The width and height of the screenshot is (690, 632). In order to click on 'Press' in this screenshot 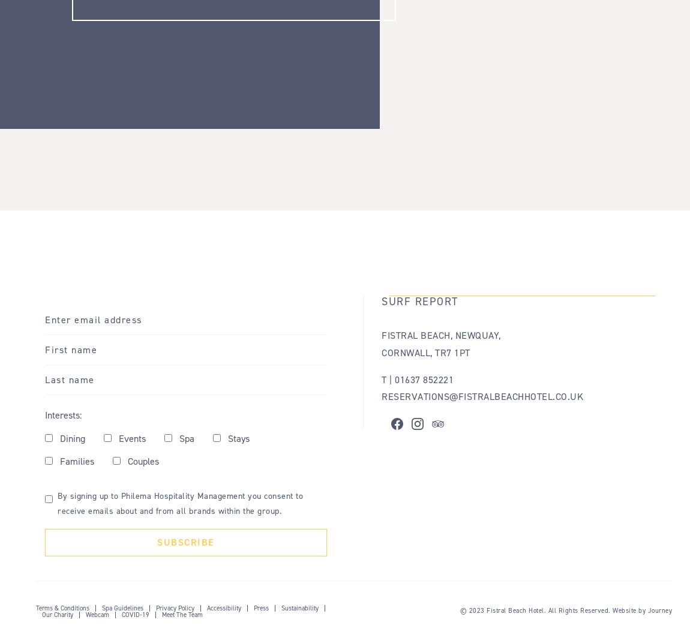, I will do `click(261, 607)`.